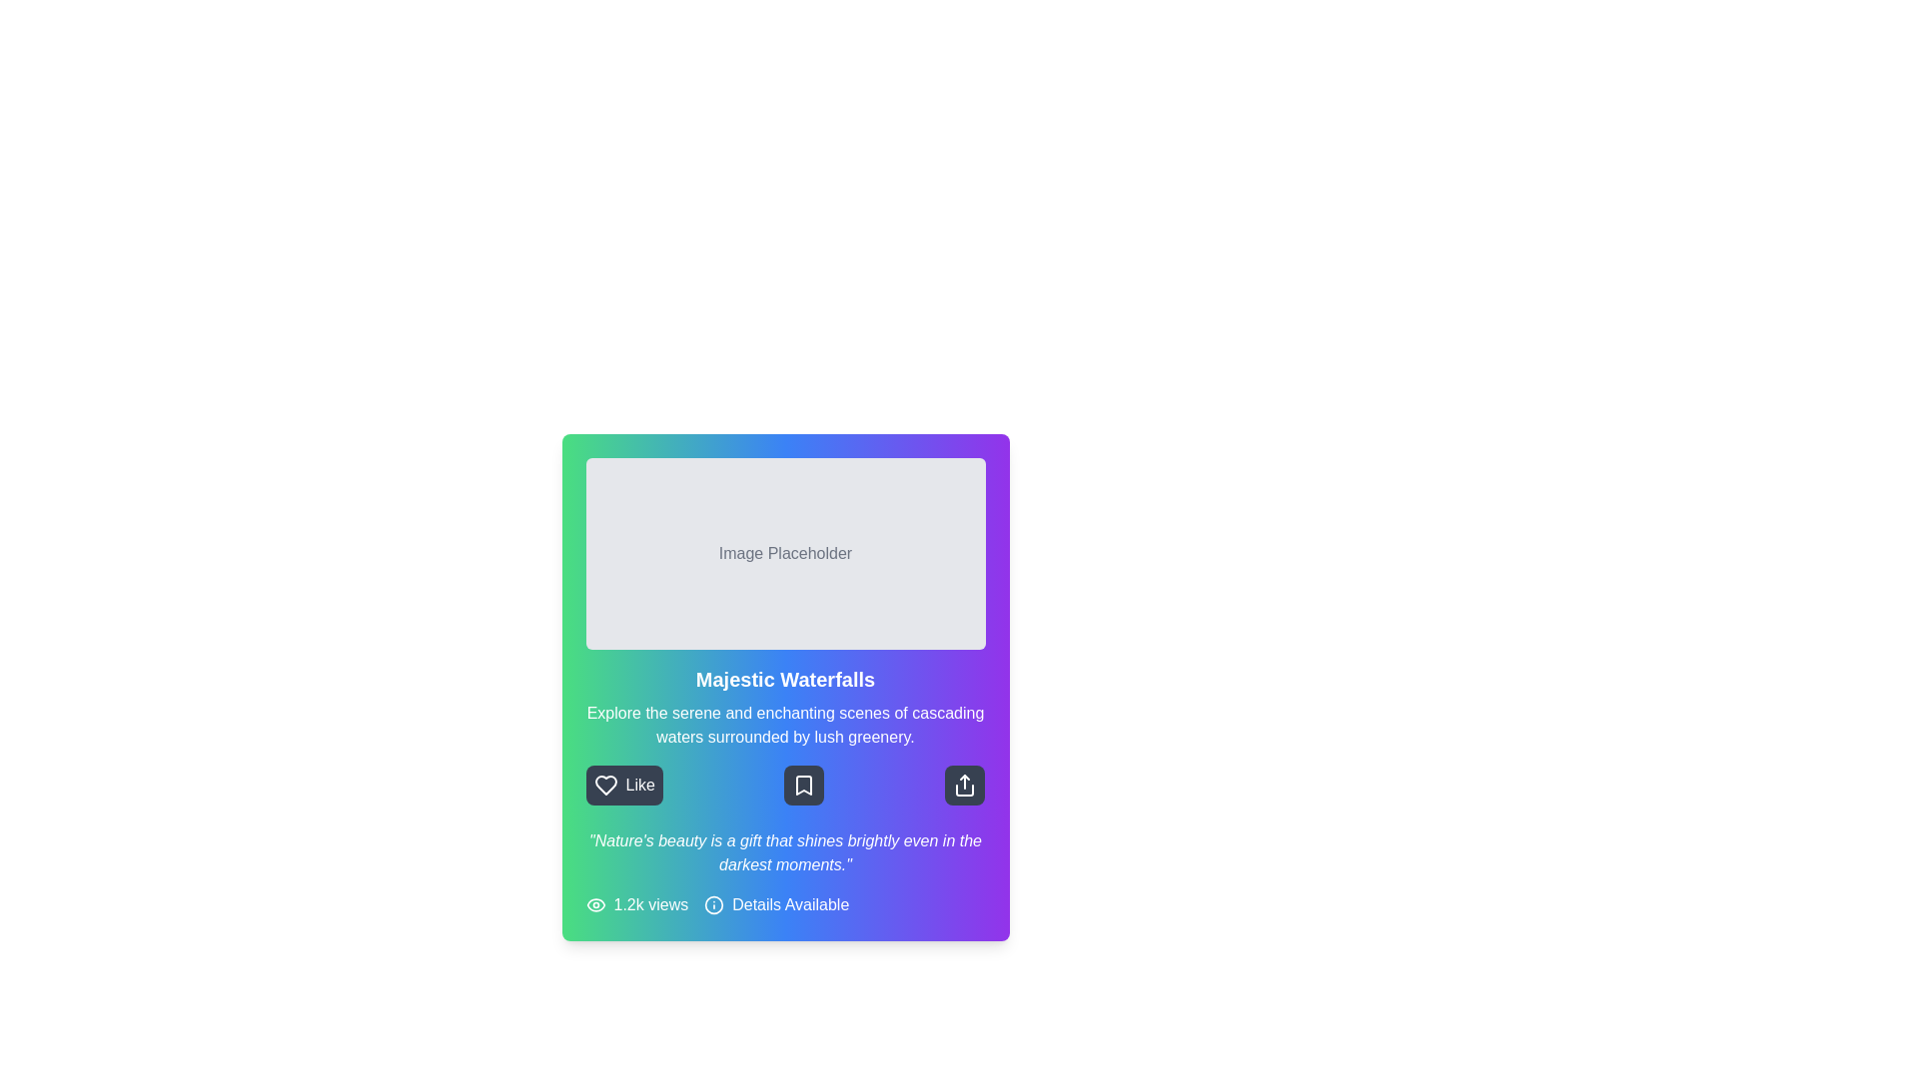 The width and height of the screenshot is (1918, 1078). I want to click on the share button located below the 'Majestic Waterfalls' title, so click(965, 784).